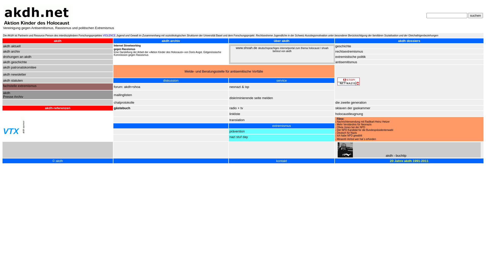 This screenshot has width=486, height=273. Describe the element at coordinates (343, 46) in the screenshot. I see `'geschichte'` at that location.